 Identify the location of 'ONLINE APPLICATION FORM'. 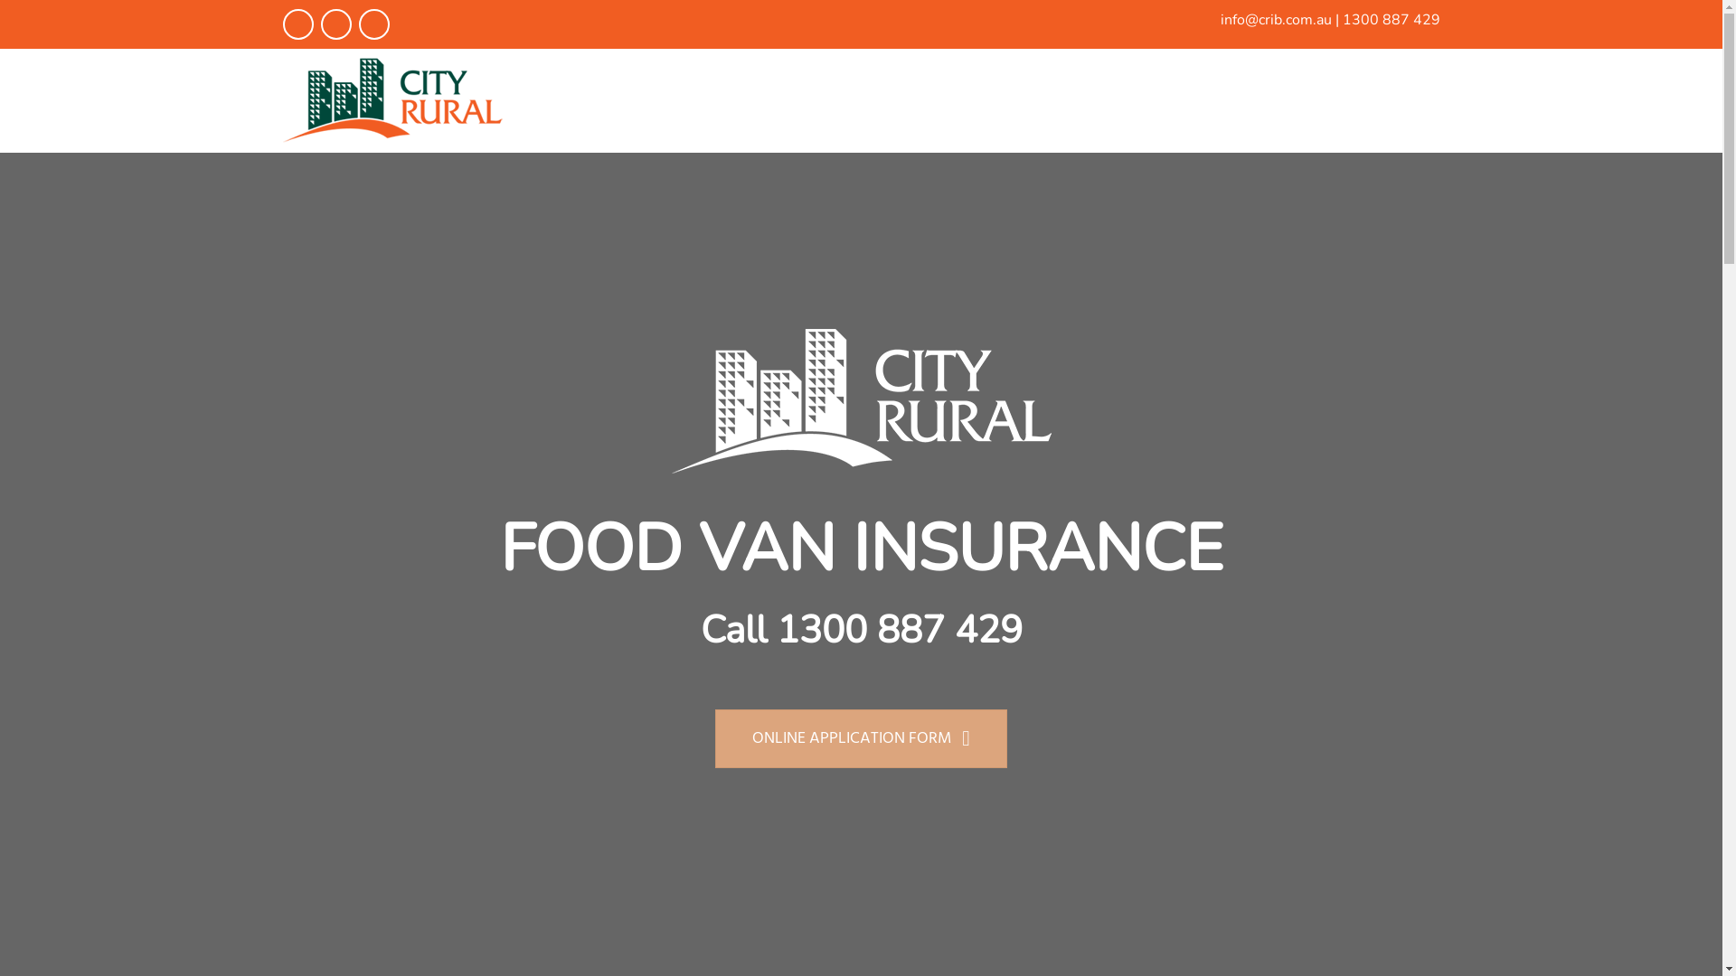
(860, 738).